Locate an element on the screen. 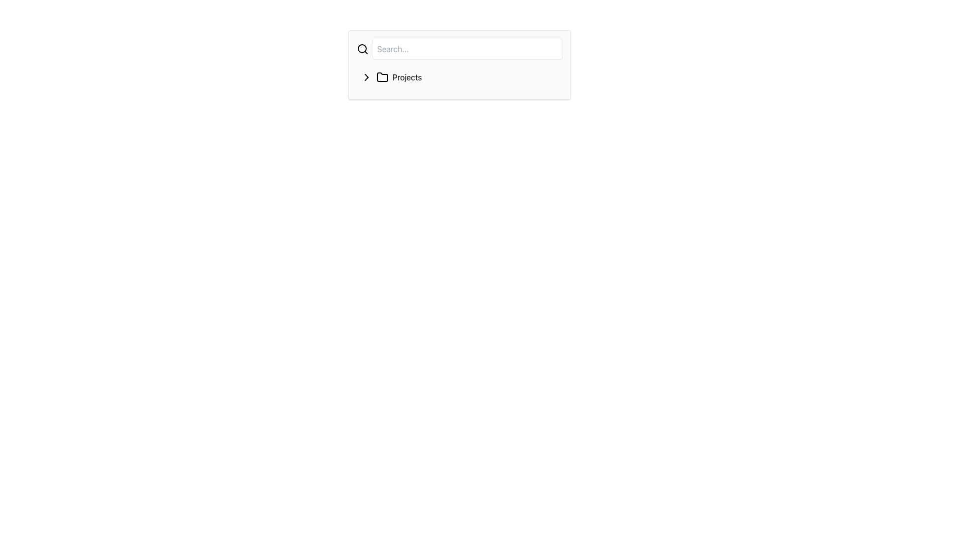 The image size is (954, 536). the right-pointing chevron icon within the collapsible navigation item next to the 'Projects' label is located at coordinates (366, 76).